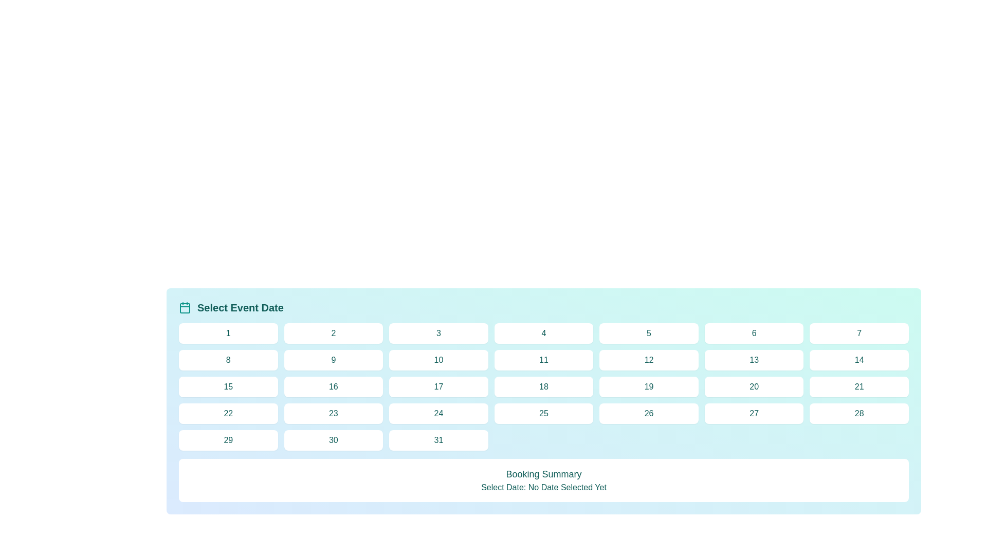 The height and width of the screenshot is (555, 987). I want to click on the rectangular button with rounded corners labeled '11', located in the second row and fourth column of the calendar interface, so click(543, 360).